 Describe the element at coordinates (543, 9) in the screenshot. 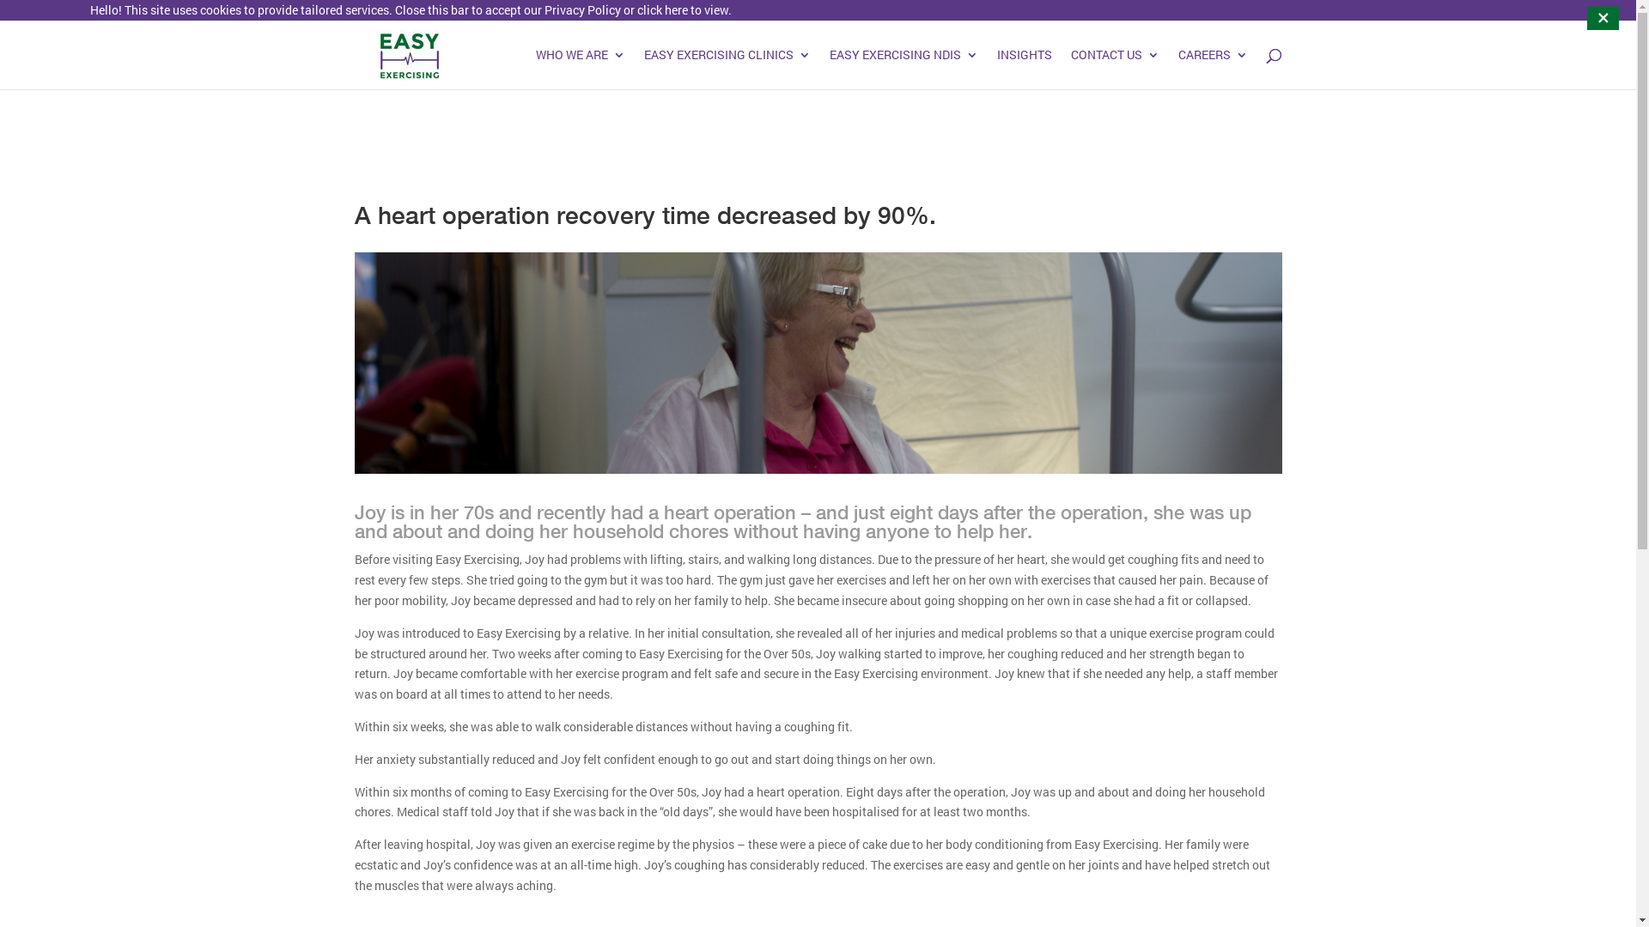

I see `'Privacy Policy'` at that location.